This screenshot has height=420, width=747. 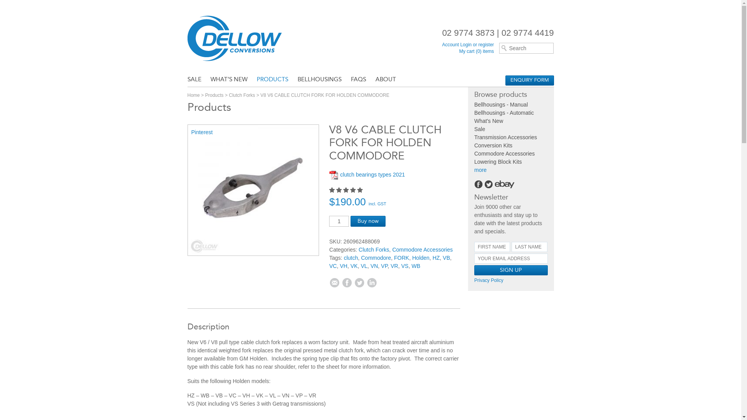 What do you see at coordinates (366, 175) in the screenshot?
I see `'clutch bearings types 2021'` at bounding box center [366, 175].